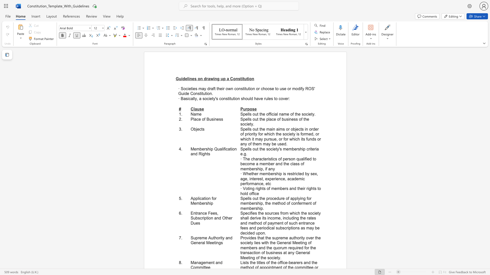  Describe the element at coordinates (194, 203) in the screenshot. I see `the subset text "ember" within the text "Application for Membership"` at that location.